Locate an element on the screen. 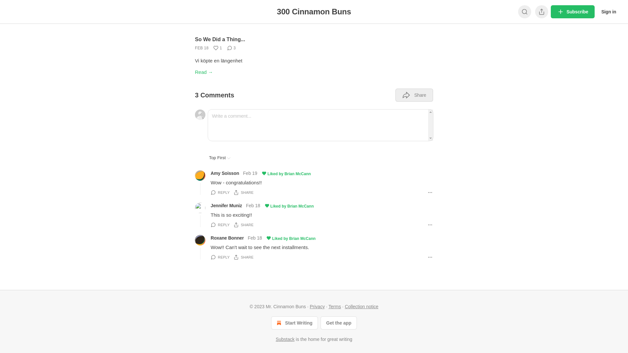 This screenshot has width=628, height=353. 'Jennifer Muniz' is located at coordinates (226, 205).